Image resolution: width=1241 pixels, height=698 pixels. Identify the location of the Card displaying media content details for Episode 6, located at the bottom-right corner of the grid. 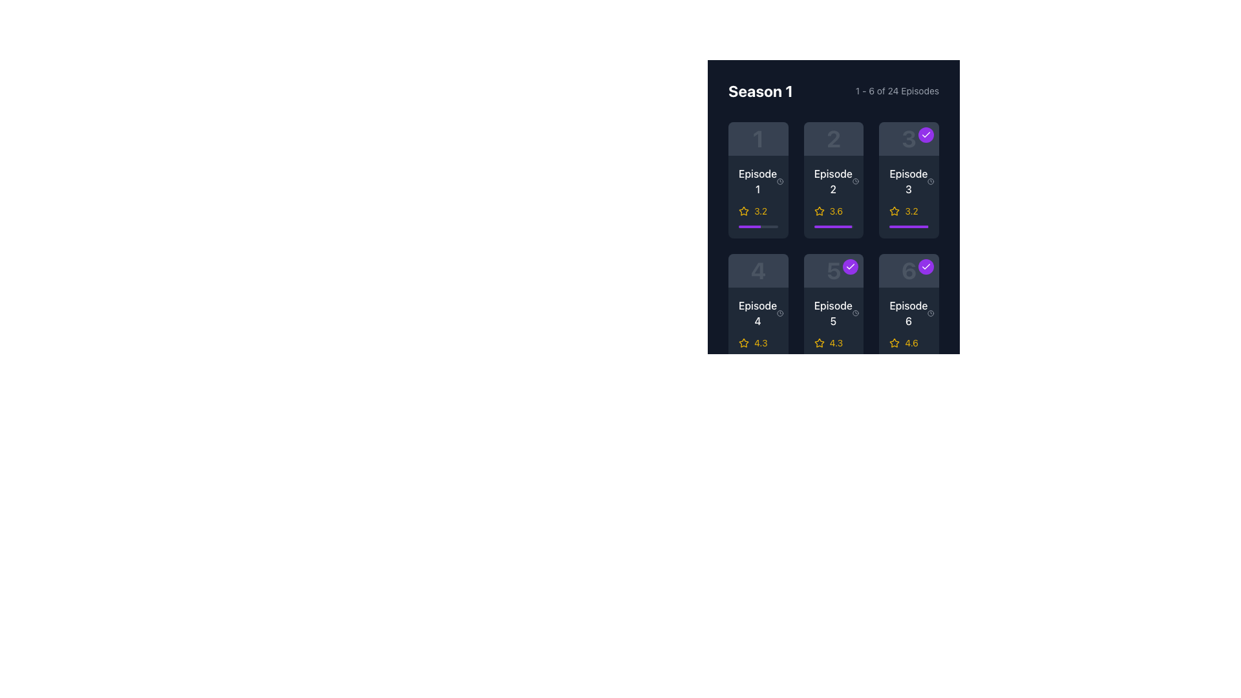
(908, 328).